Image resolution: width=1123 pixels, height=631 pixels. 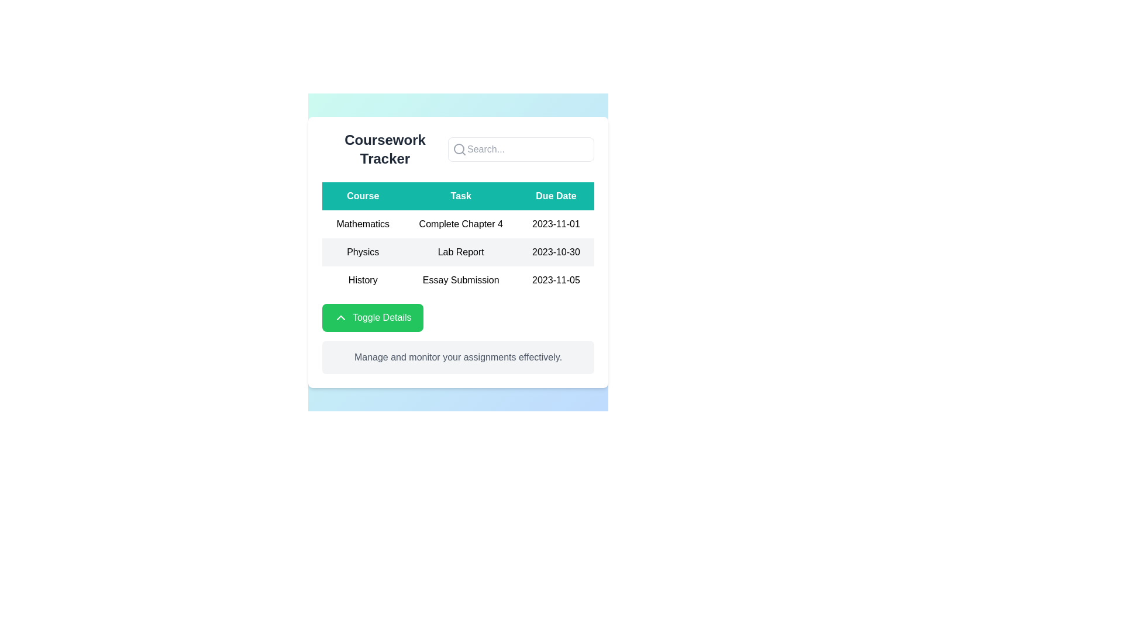 What do you see at coordinates (457, 148) in the screenshot?
I see `the magnifying glass icon in the search input box integrated into the header labeled 'Coursework Tracker'` at bounding box center [457, 148].